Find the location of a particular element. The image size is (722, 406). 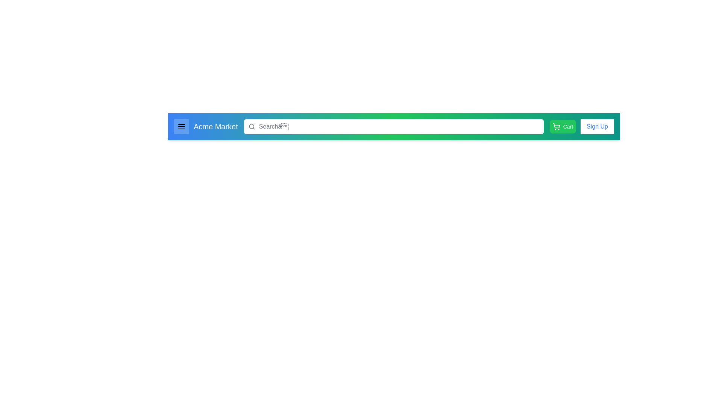

the cart button to view the cart contents is located at coordinates (563, 126).